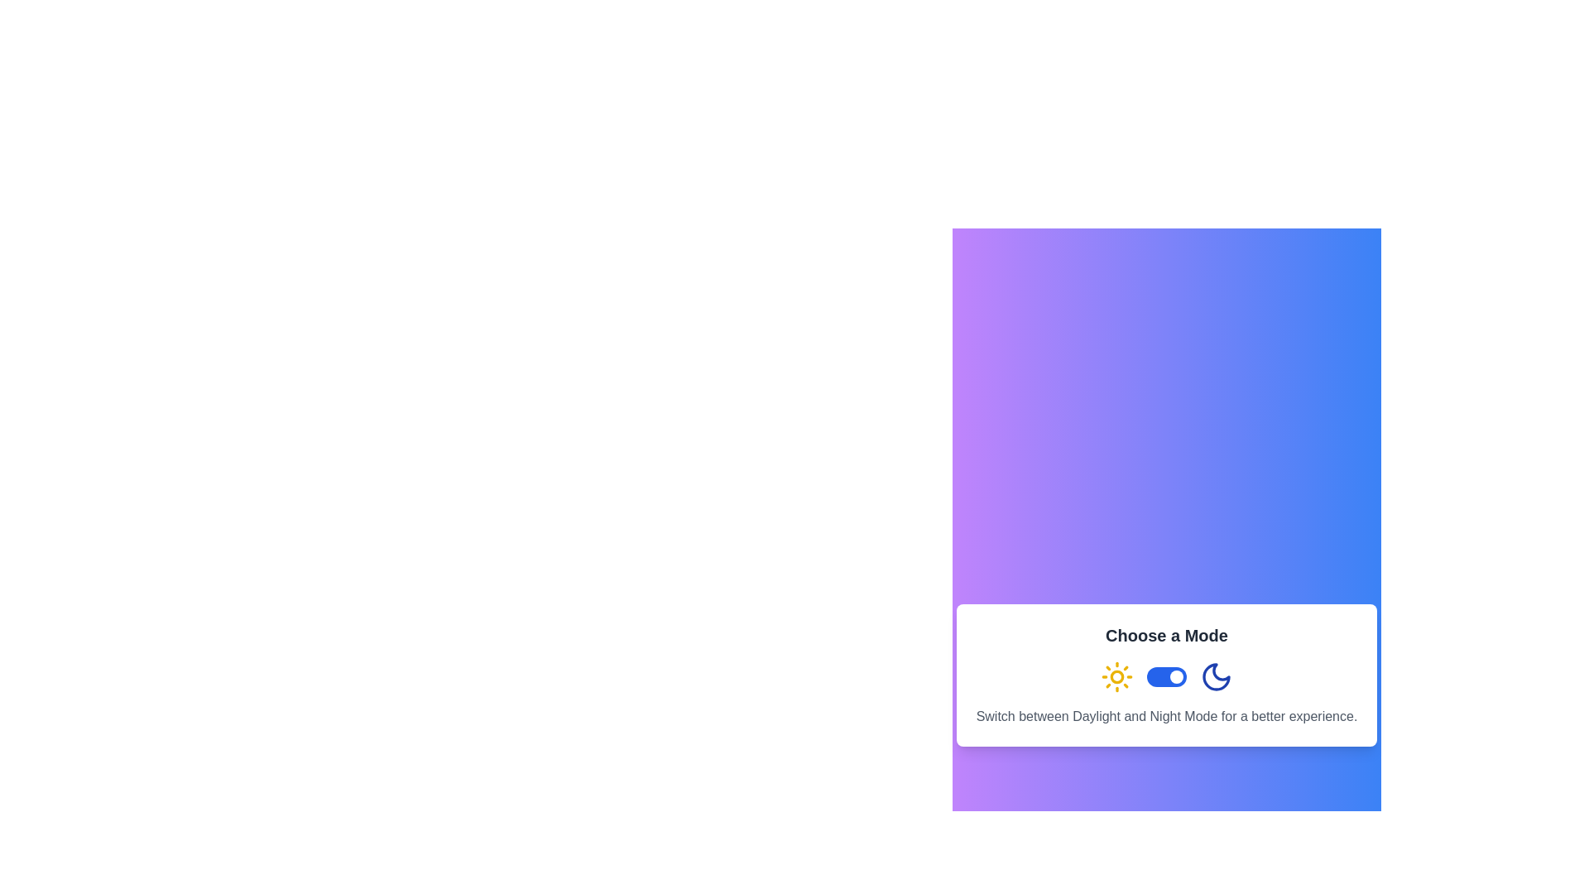 The width and height of the screenshot is (1589, 894). Describe the element at coordinates (1166, 676) in the screenshot. I see `the toggle switch that allows users to switch between daylight and night mode, which is centrally located between a yellow sun icon on the left and a blue crescent moon icon on the right` at that location.